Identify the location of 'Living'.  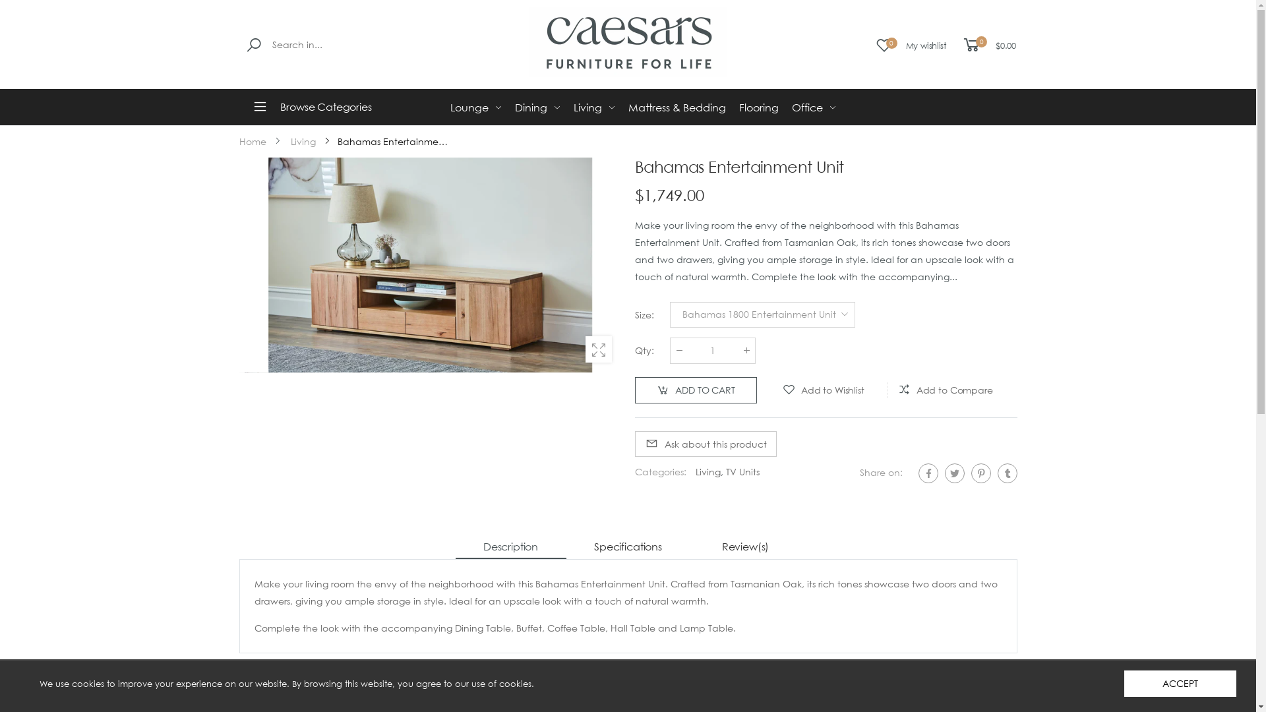
(593, 106).